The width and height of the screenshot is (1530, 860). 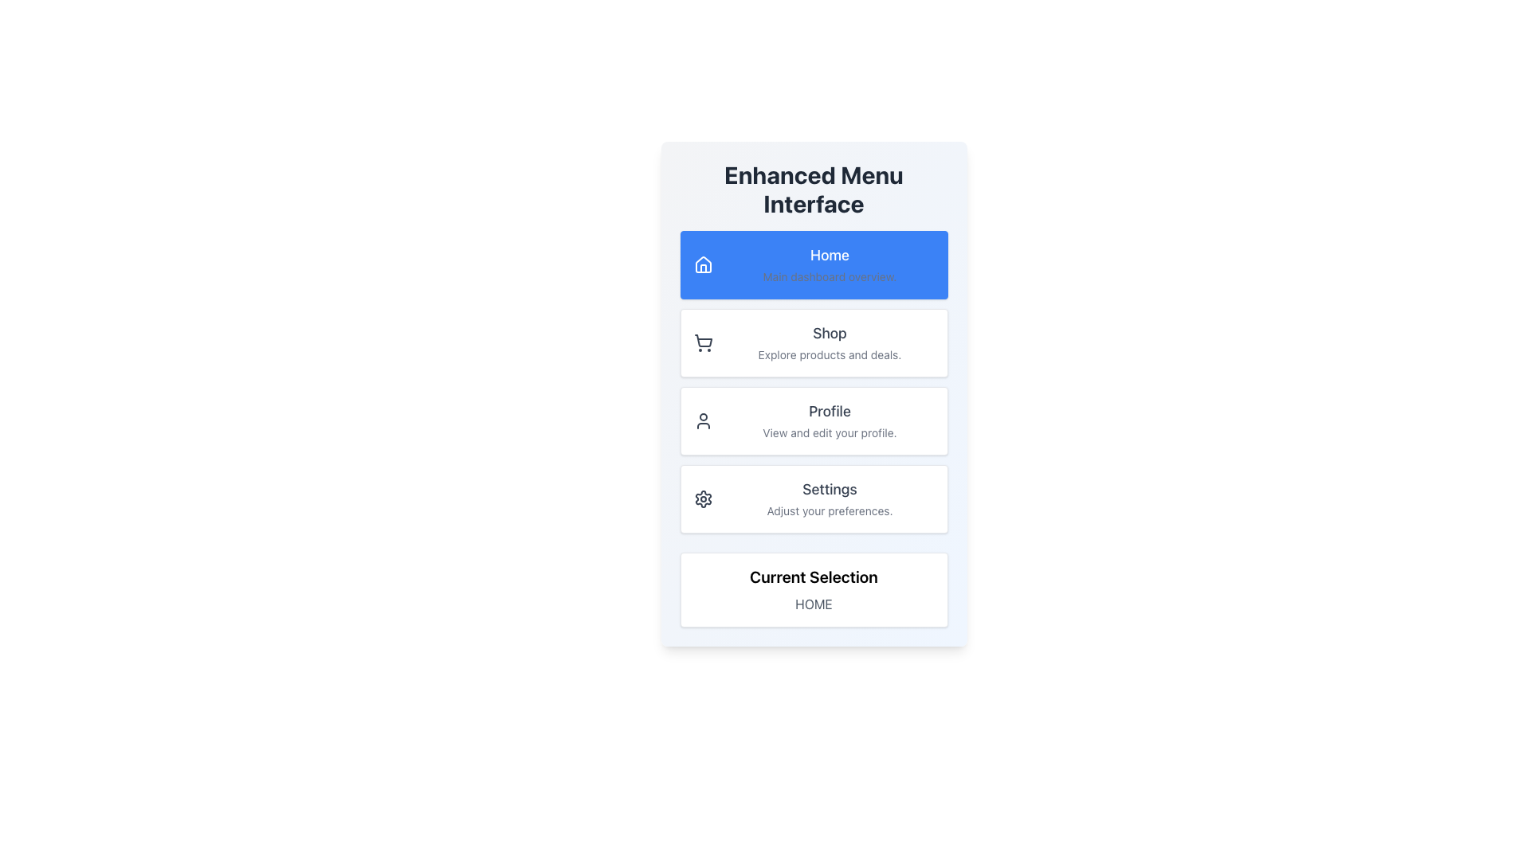 What do you see at coordinates (829, 498) in the screenshot?
I see `the clickable text label option in the menu interface, which is positioned below the 'Profile' option and serves to navigate to user preferences` at bounding box center [829, 498].